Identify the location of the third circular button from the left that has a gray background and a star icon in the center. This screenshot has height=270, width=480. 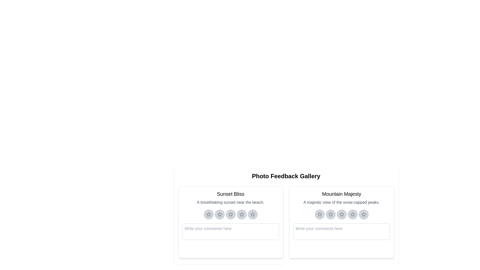
(341, 214).